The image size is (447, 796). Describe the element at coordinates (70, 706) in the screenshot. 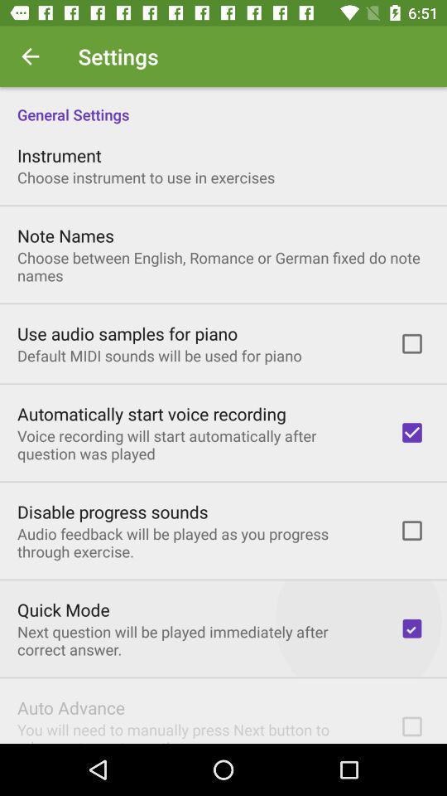

I see `the item below next question will icon` at that location.